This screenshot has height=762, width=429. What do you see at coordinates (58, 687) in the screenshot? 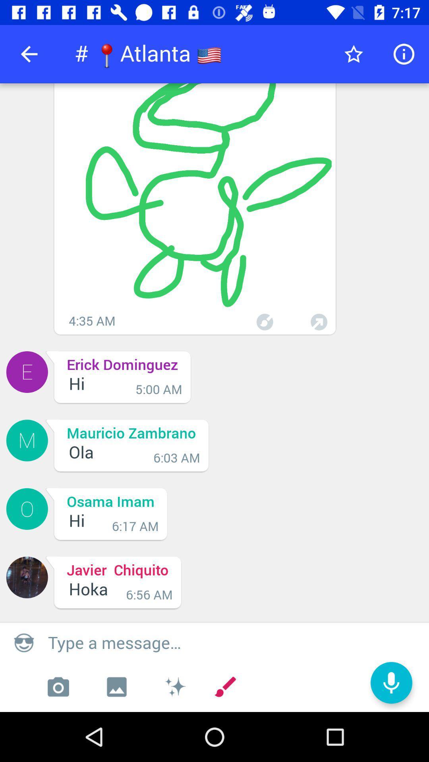
I see `the photo icon` at bounding box center [58, 687].